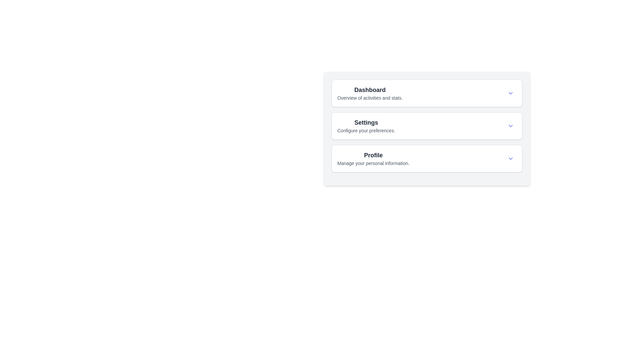  What do you see at coordinates (510, 126) in the screenshot?
I see `the indigo downwards-pointing chevron icon in the top-right corner of the 'Settings' card` at bounding box center [510, 126].